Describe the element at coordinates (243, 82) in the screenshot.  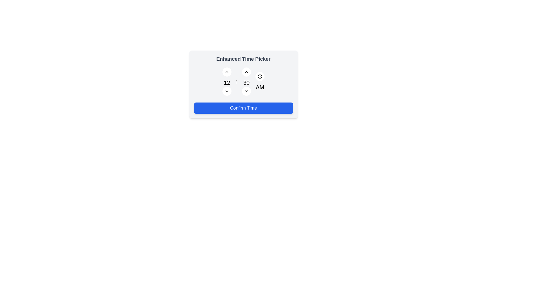
I see `displayed time from the central time display in the time picker interface, which shows the current selected time including hours, minutes, and AM/PM designation` at that location.